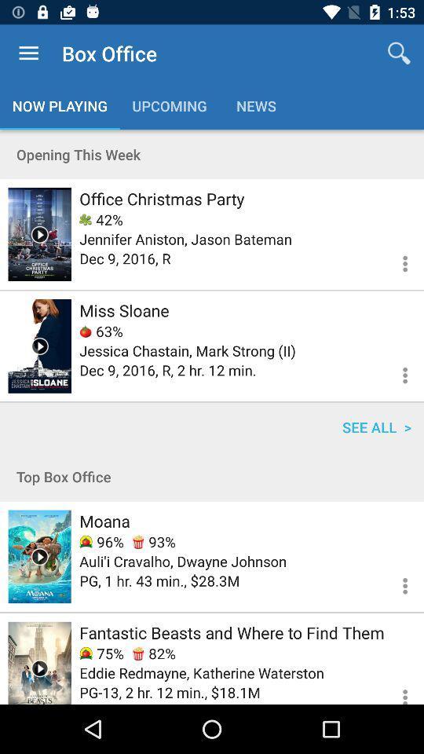 The width and height of the screenshot is (424, 754). I want to click on the movie trailer, so click(39, 233).